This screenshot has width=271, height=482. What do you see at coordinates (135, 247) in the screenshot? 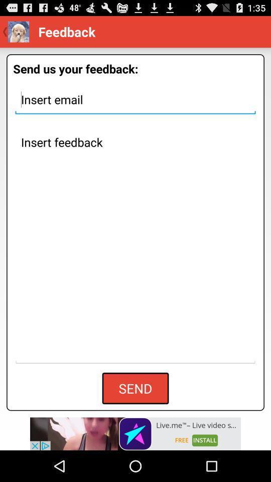
I see `image` at bounding box center [135, 247].